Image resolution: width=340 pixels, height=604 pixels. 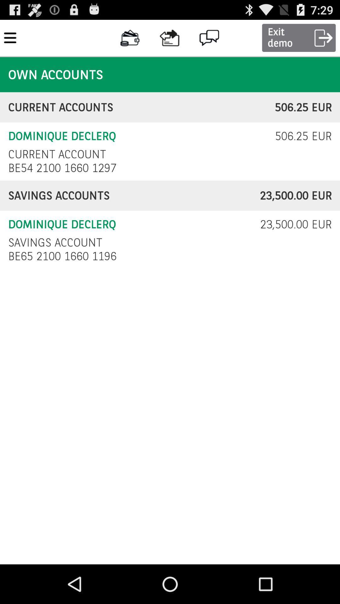 I want to click on be65 2100 1660 icon, so click(x=64, y=256).